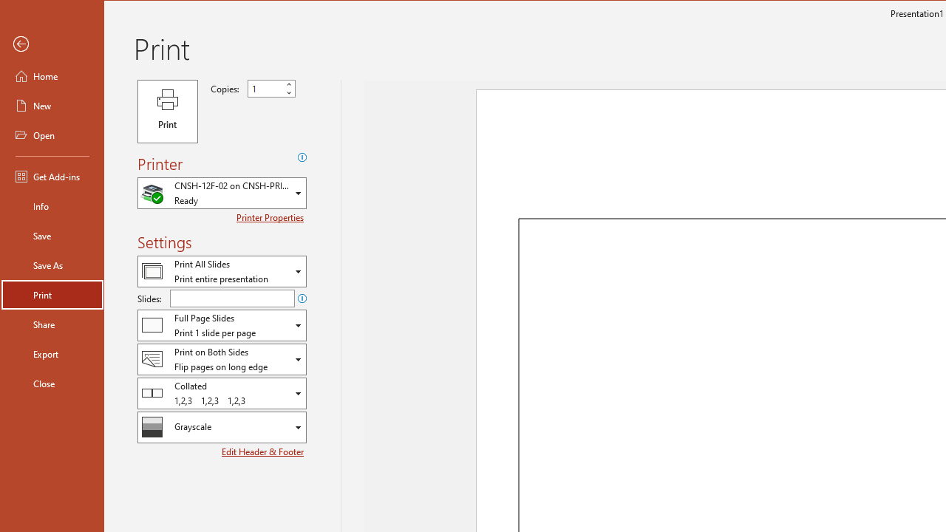 The height and width of the screenshot is (532, 946). Describe the element at coordinates (265, 88) in the screenshot. I see `'Copies'` at that location.